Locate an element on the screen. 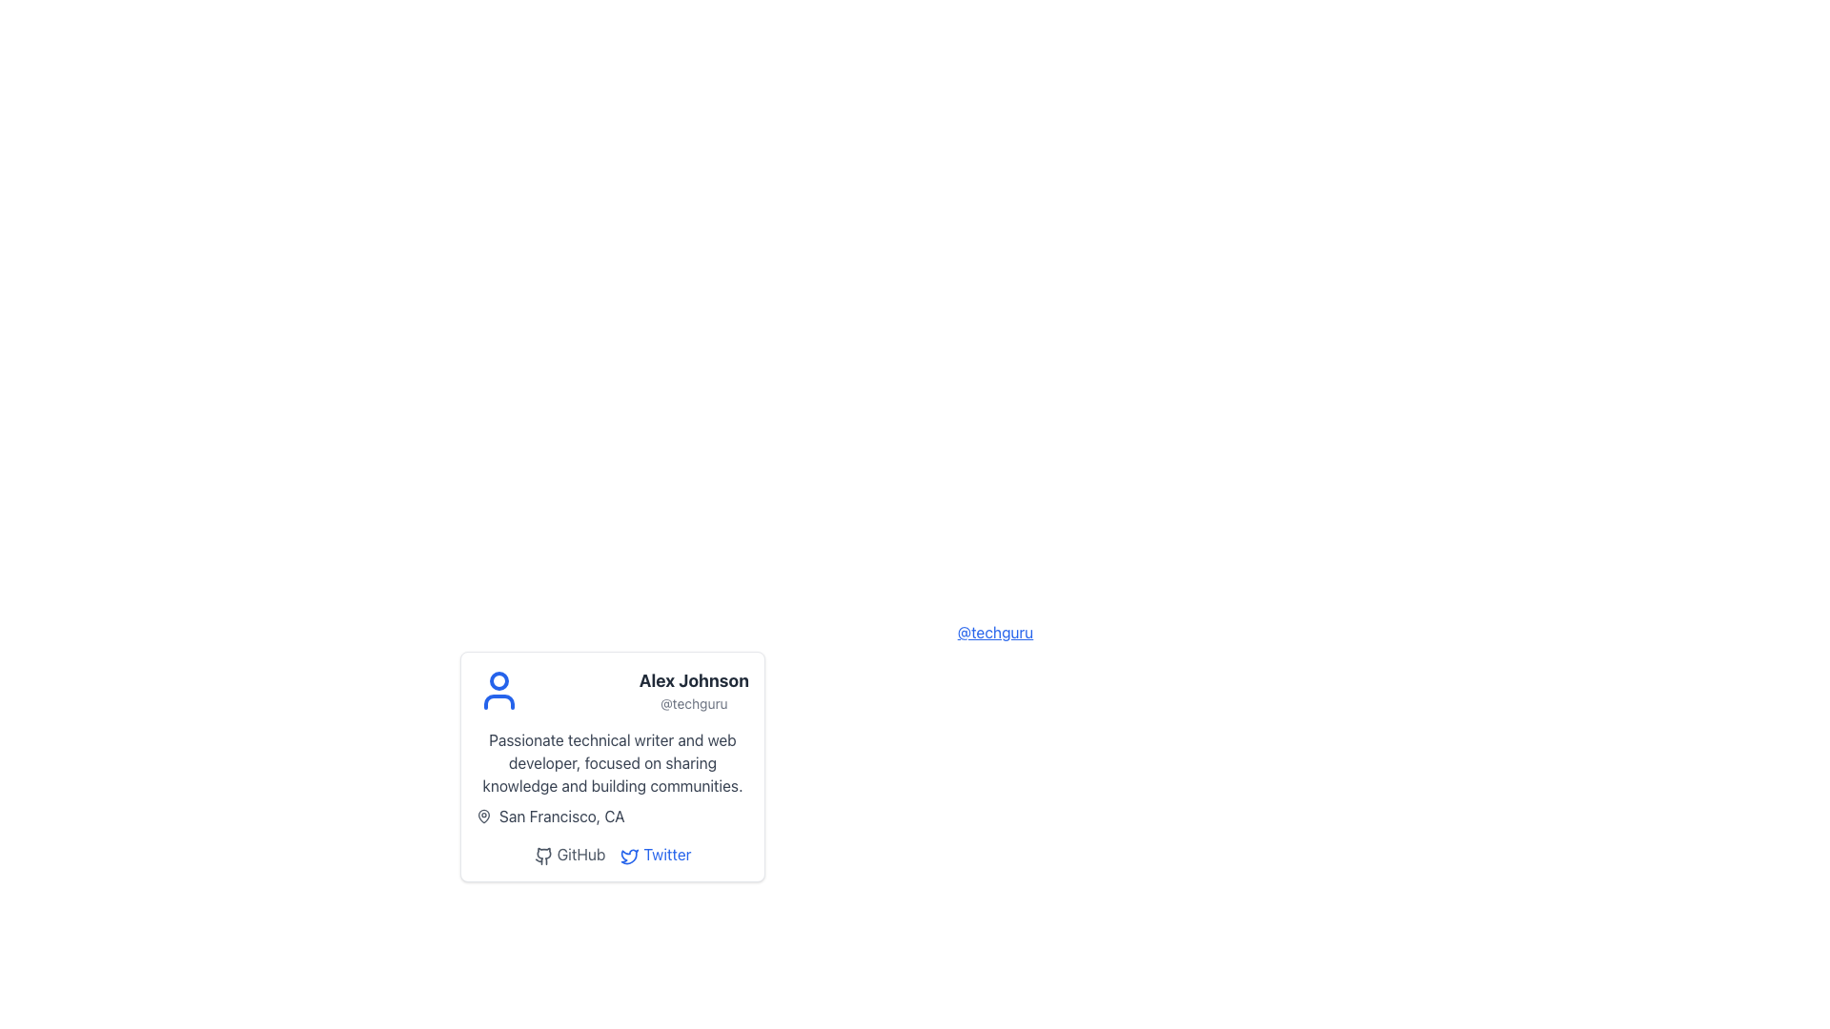 Image resolution: width=1830 pixels, height=1029 pixels. the label displaying 'San Francisco, CA' with a map pin icon, located at the bottom-left section of the card beneath the descriptive paragraph is located at coordinates (613, 815).